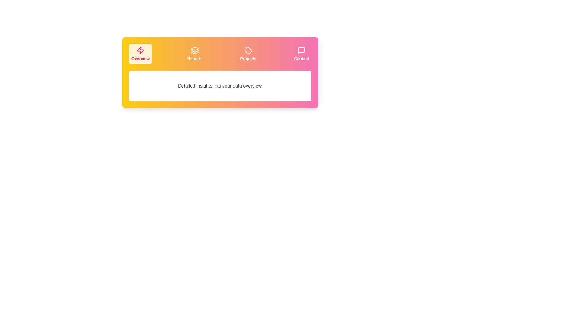 The width and height of the screenshot is (561, 315). Describe the element at coordinates (302, 50) in the screenshot. I see `the communication or contact icon located at the top-right corner of the horizontal navigation menu, above the 'Contact' text label` at that location.